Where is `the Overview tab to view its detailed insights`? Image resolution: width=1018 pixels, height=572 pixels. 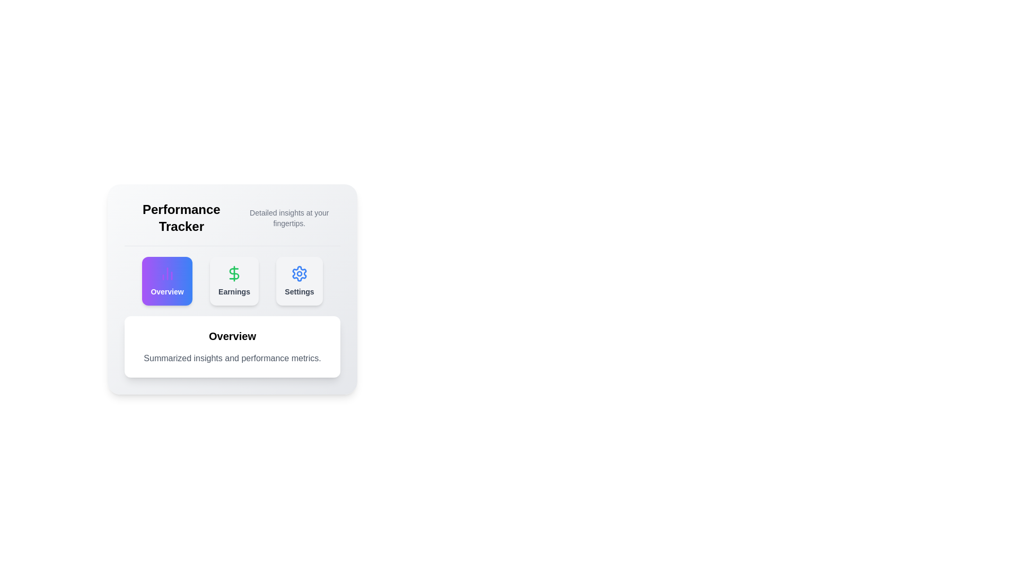
the Overview tab to view its detailed insights is located at coordinates (166, 281).